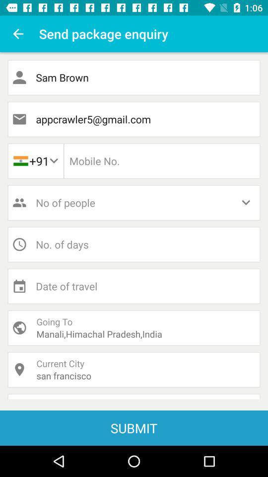 Image resolution: width=268 pixels, height=477 pixels. Describe the element at coordinates (134, 244) in the screenshot. I see `write the number of days` at that location.